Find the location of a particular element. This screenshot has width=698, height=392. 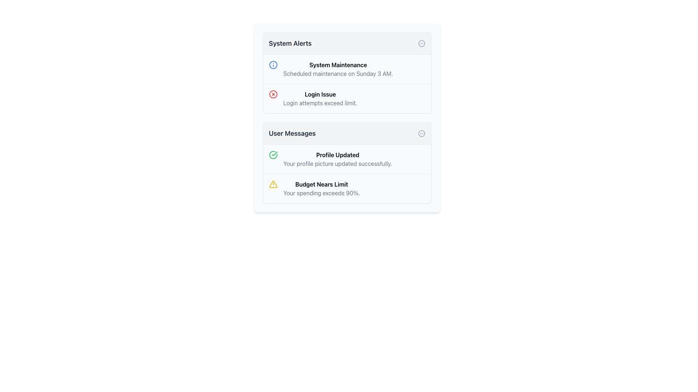

information from the first notification in the 'System Alerts' section that notifies the user of an upcoming system maintenance event is located at coordinates (338, 69).